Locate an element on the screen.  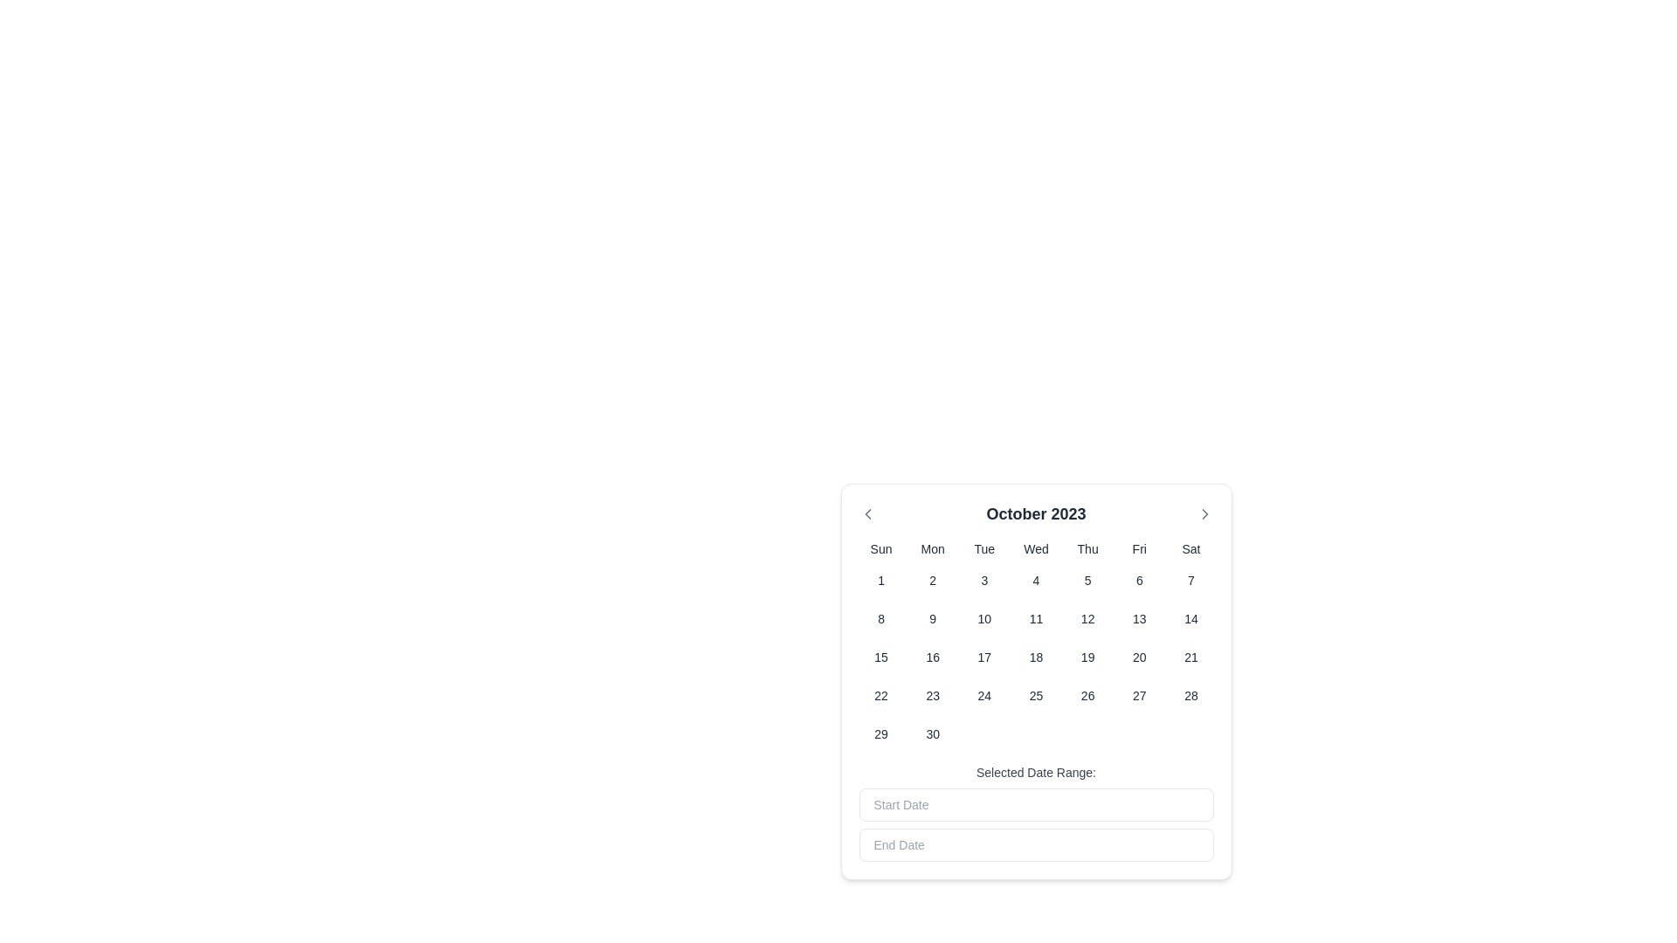
the button displaying the number '19' in the Thursday column of the calendar grid is located at coordinates (1087, 657).